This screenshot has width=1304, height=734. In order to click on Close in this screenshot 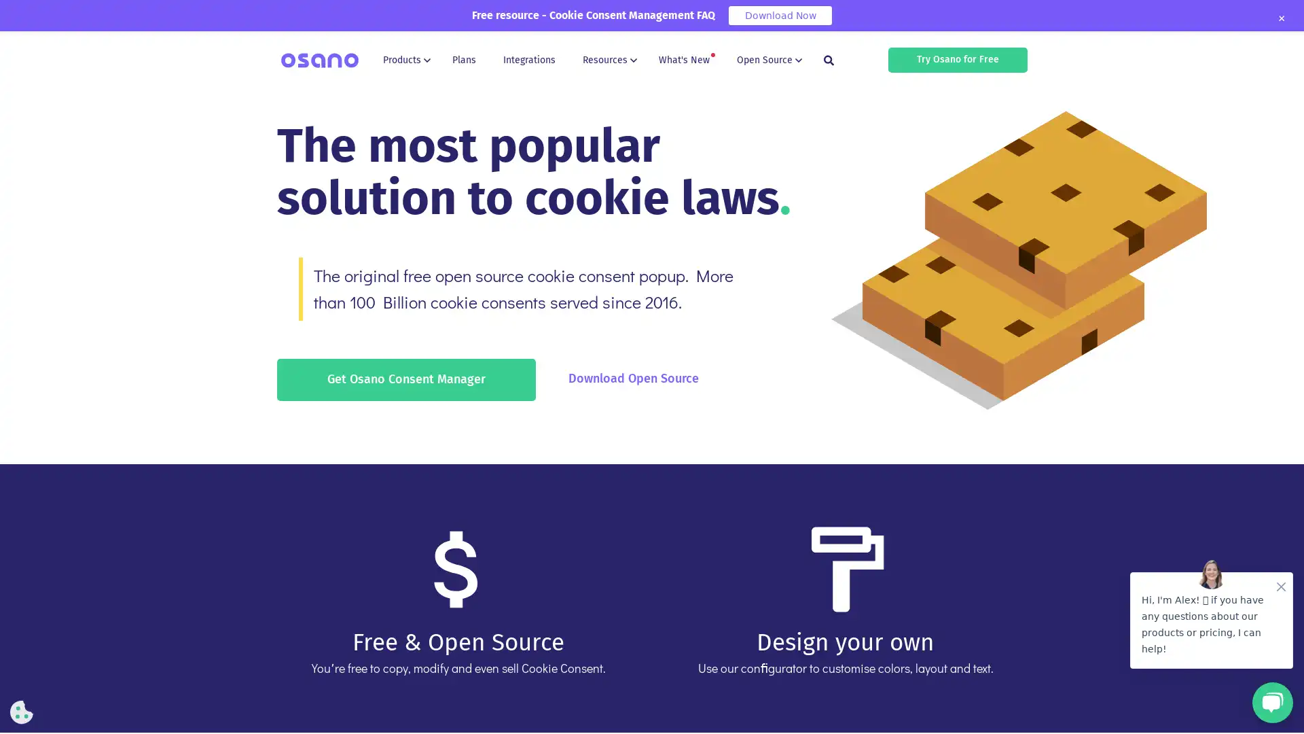, I will do `click(1280, 18)`.